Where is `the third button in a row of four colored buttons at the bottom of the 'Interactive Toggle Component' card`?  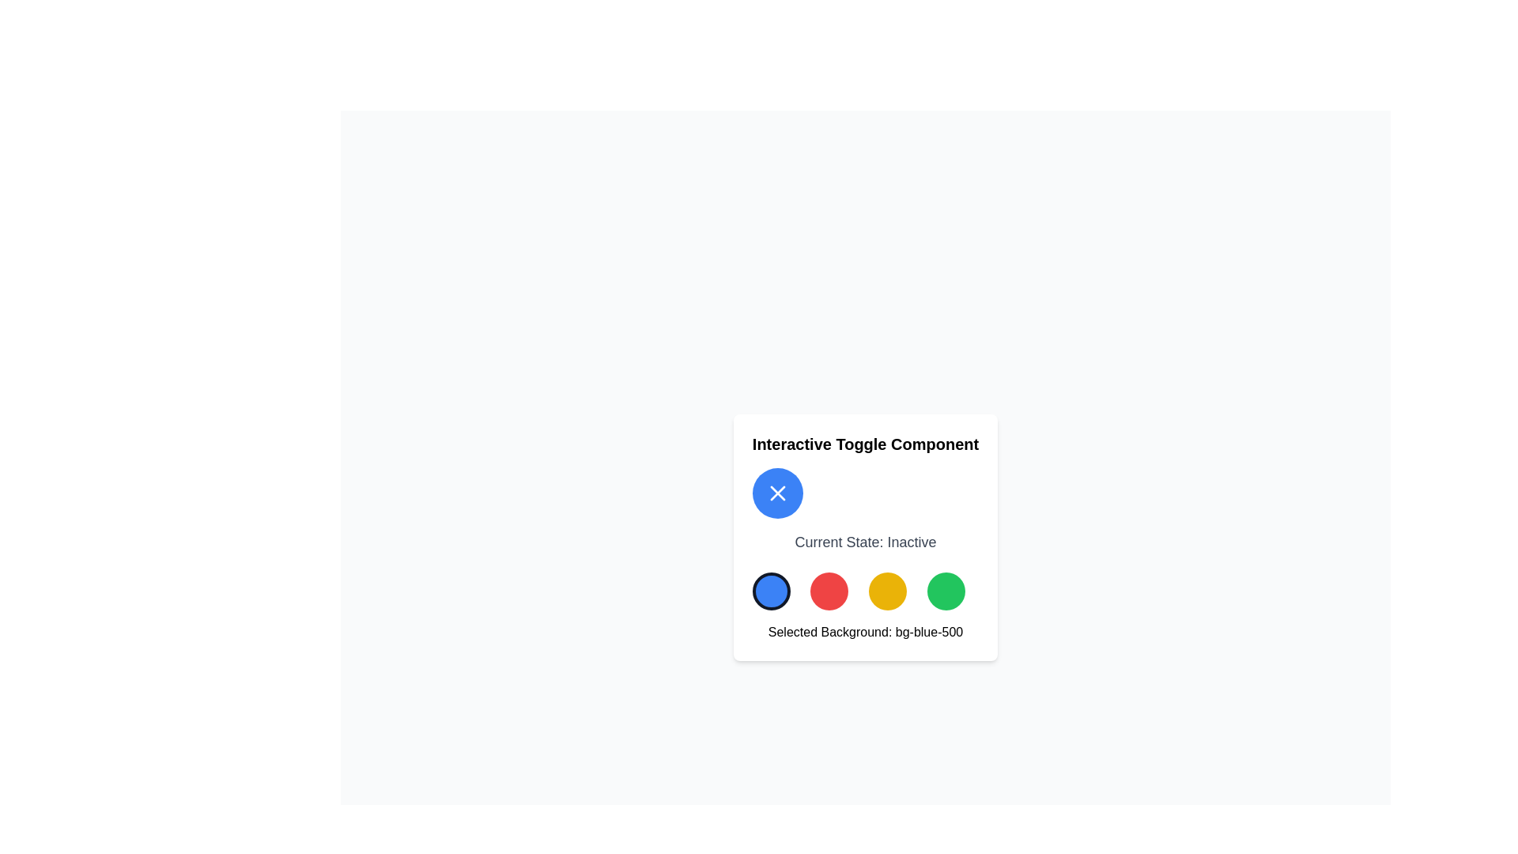
the third button in a row of four colored buttons at the bottom of the 'Interactive Toggle Component' card is located at coordinates (888, 591).